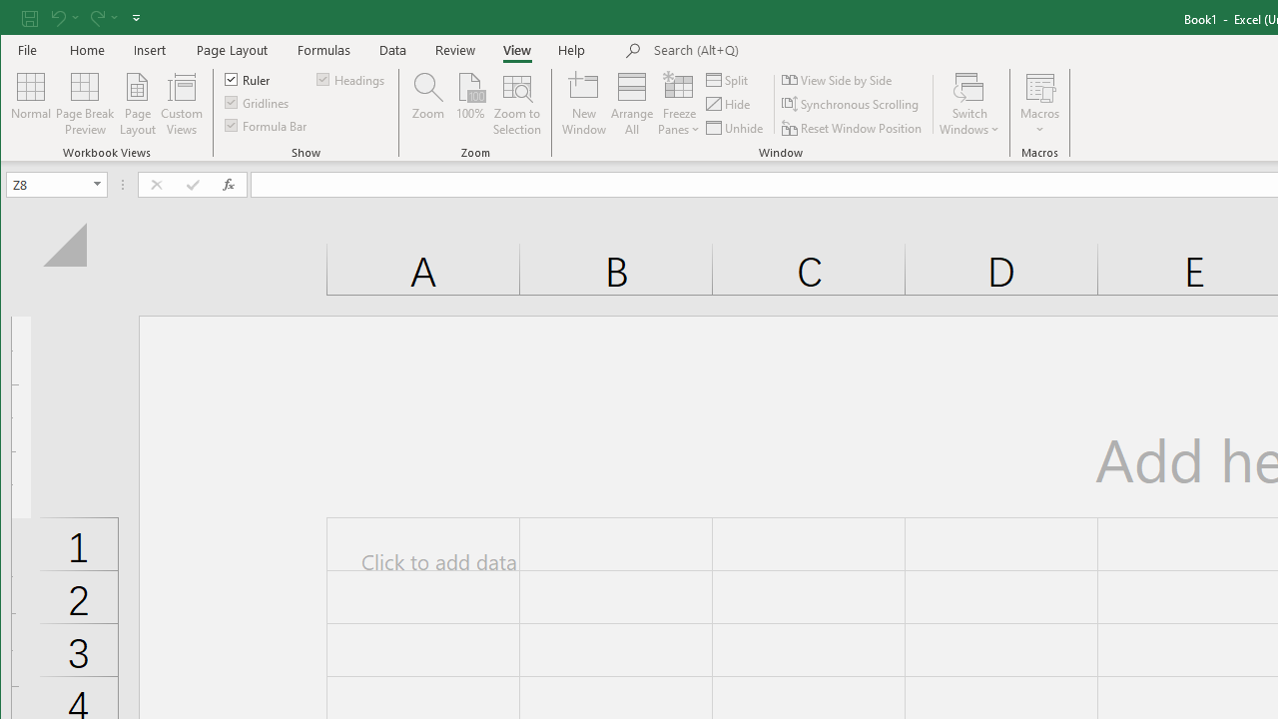  I want to click on 'Ruler', so click(247, 78).